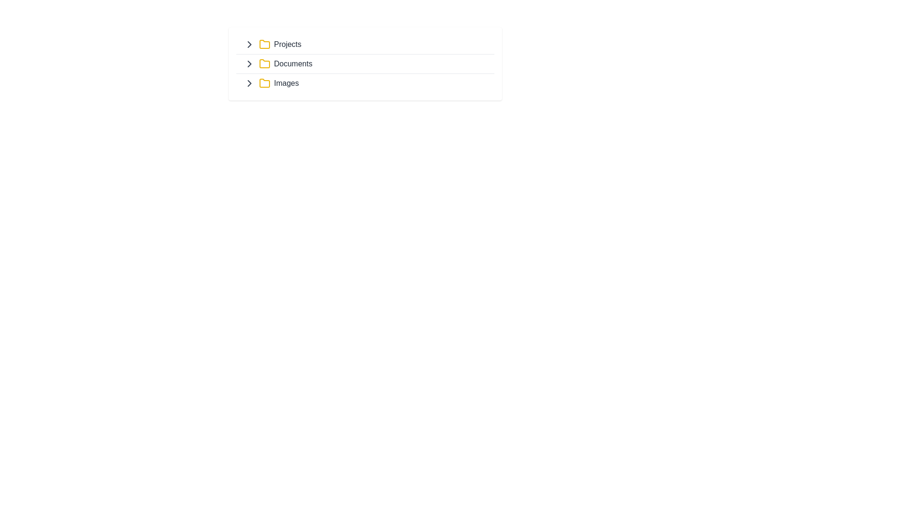  What do you see at coordinates (364, 45) in the screenshot?
I see `the first list item labeled 'Projects' in a vertical list` at bounding box center [364, 45].